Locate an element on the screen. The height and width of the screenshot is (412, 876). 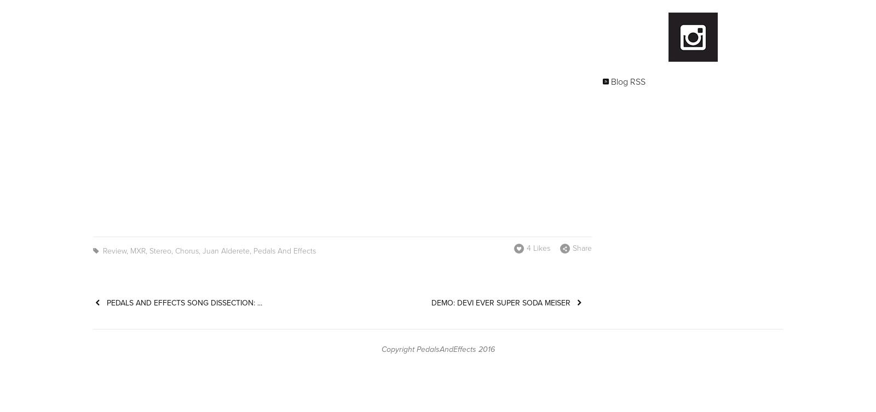
'Blog RSS' is located at coordinates (628, 81).